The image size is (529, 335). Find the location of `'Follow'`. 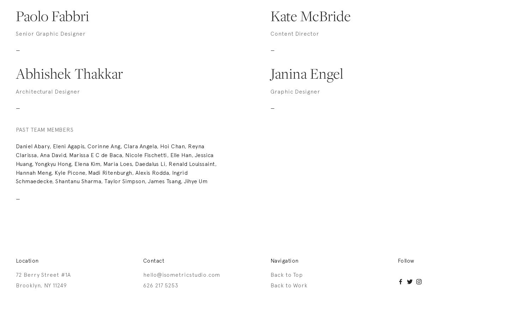

'Follow' is located at coordinates (406, 261).